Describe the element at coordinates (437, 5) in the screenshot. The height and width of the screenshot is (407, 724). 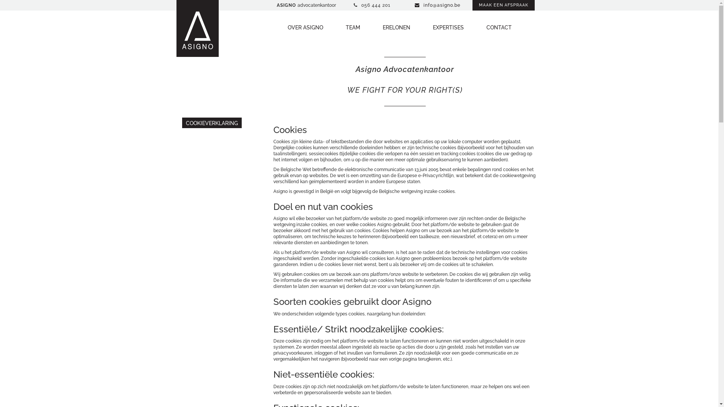
I see `'info@asigno.be'` at that location.